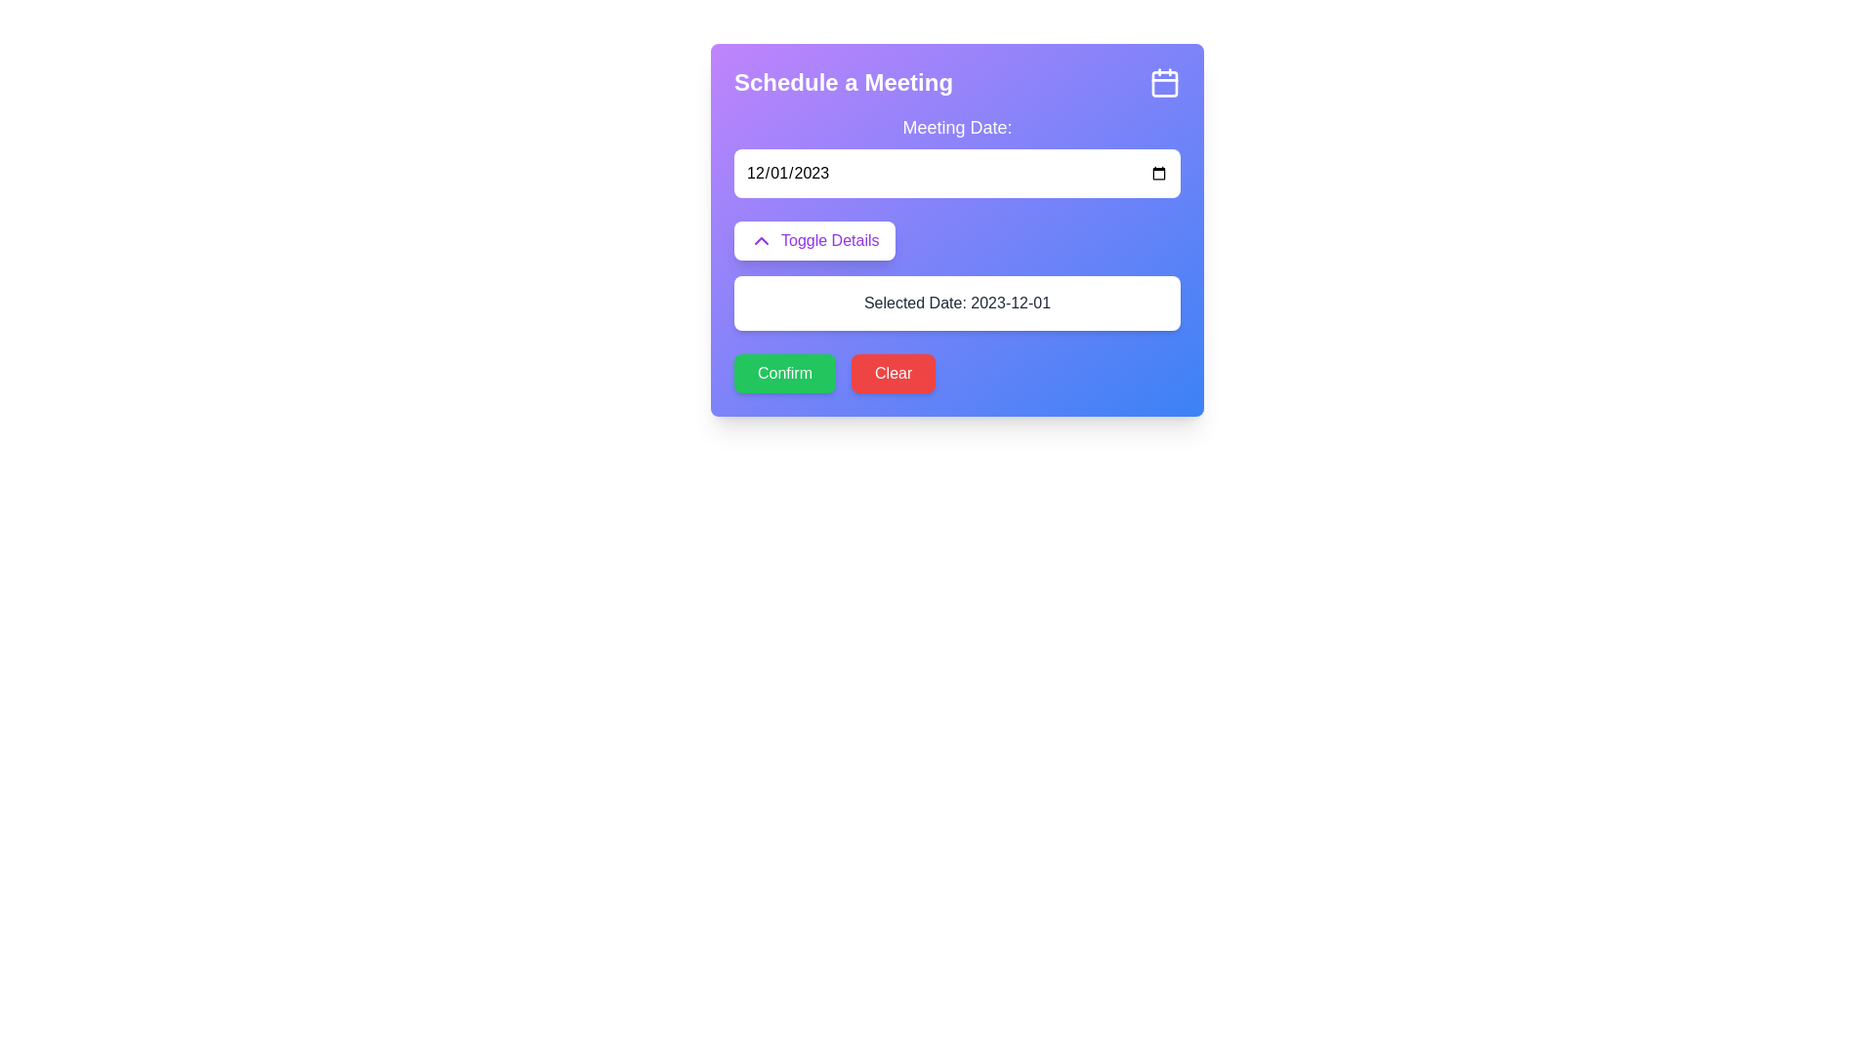  What do you see at coordinates (814, 239) in the screenshot?
I see `the toggle button located in the 'Schedule a Meeting' section, which is positioned below the 'Meeting Date' input field` at bounding box center [814, 239].